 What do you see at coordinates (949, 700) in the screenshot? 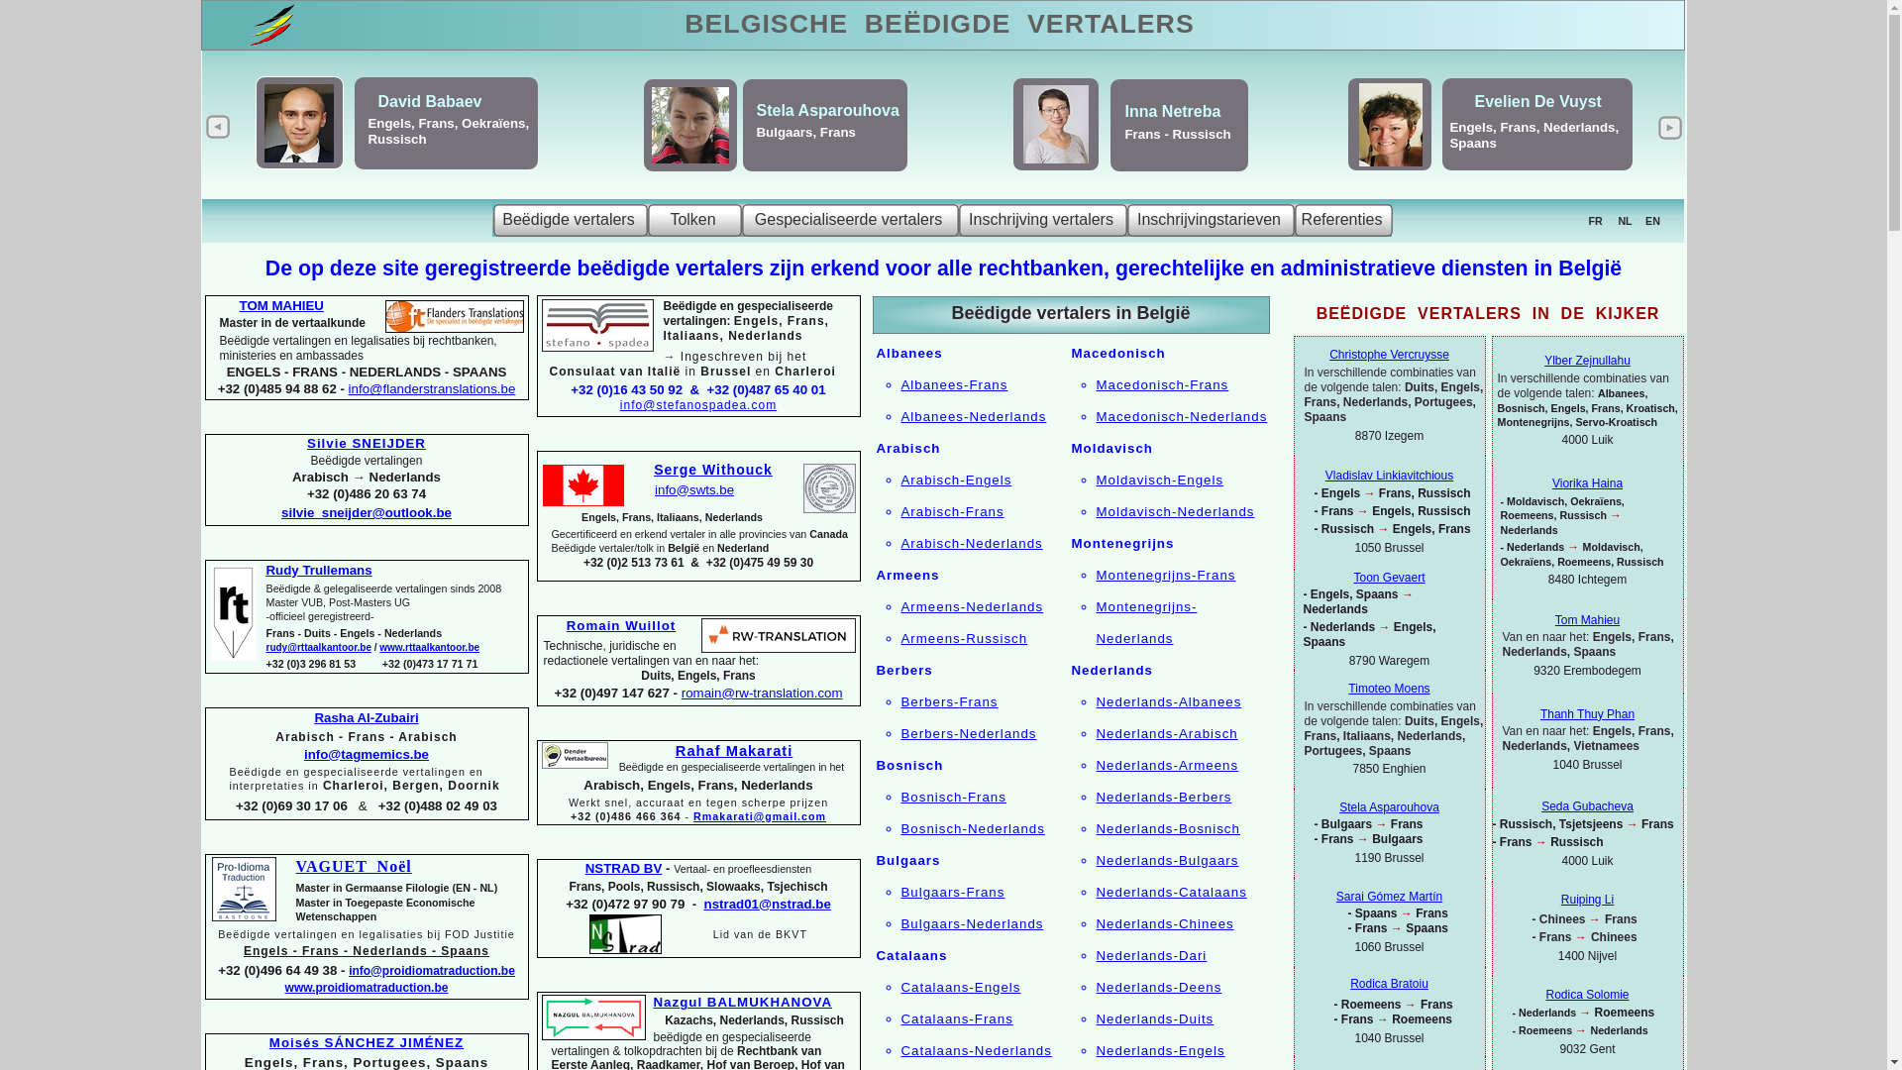
I see `'Berbers-Frans'` at bounding box center [949, 700].